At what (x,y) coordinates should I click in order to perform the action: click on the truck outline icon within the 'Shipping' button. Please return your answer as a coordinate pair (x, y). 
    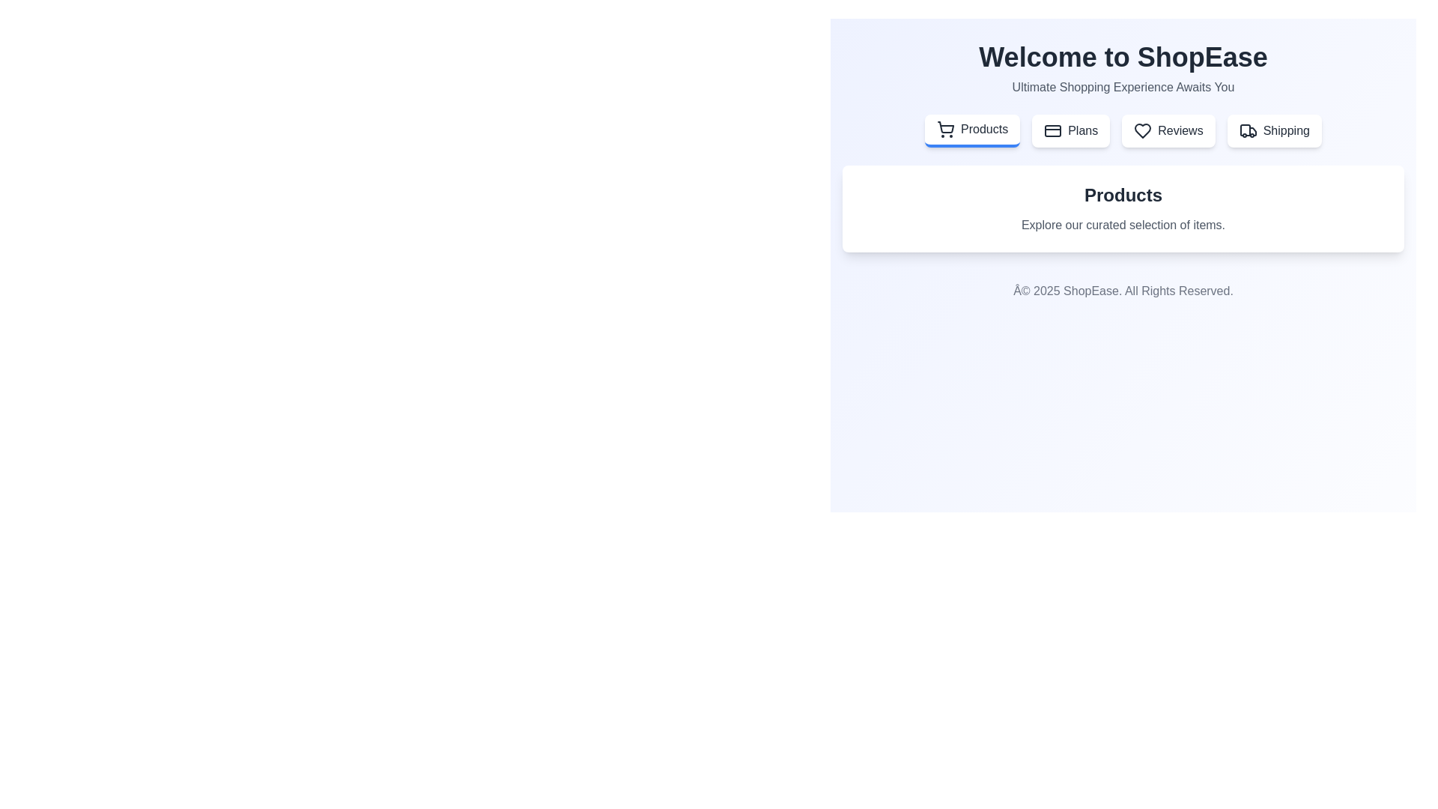
    Looking at the image, I should click on (1248, 130).